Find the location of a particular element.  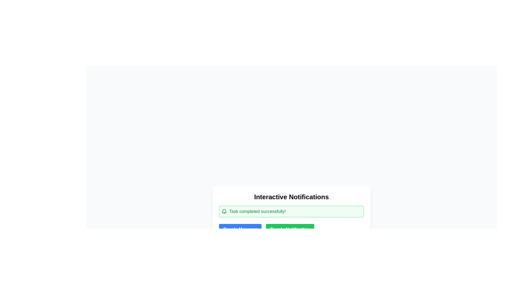

the text label that reads 'Task completed successfully!' which is rendered in green text on a light green background, located within a notification component to the right of a bell-shaped icon is located at coordinates (257, 211).